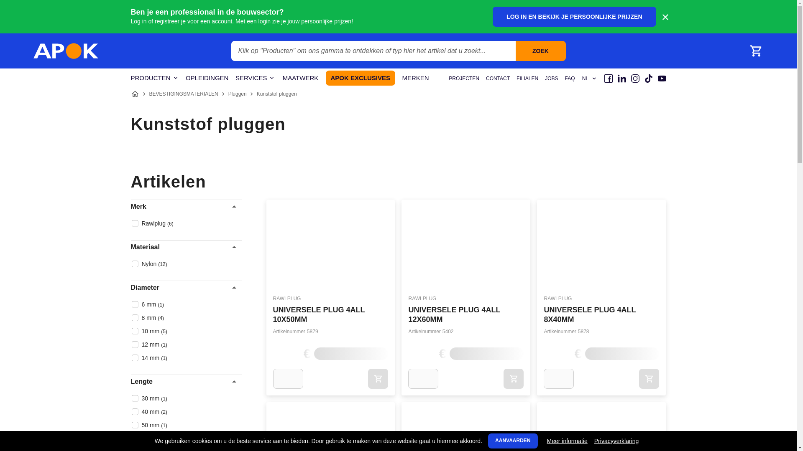  I want to click on 'Youtube', so click(661, 79).